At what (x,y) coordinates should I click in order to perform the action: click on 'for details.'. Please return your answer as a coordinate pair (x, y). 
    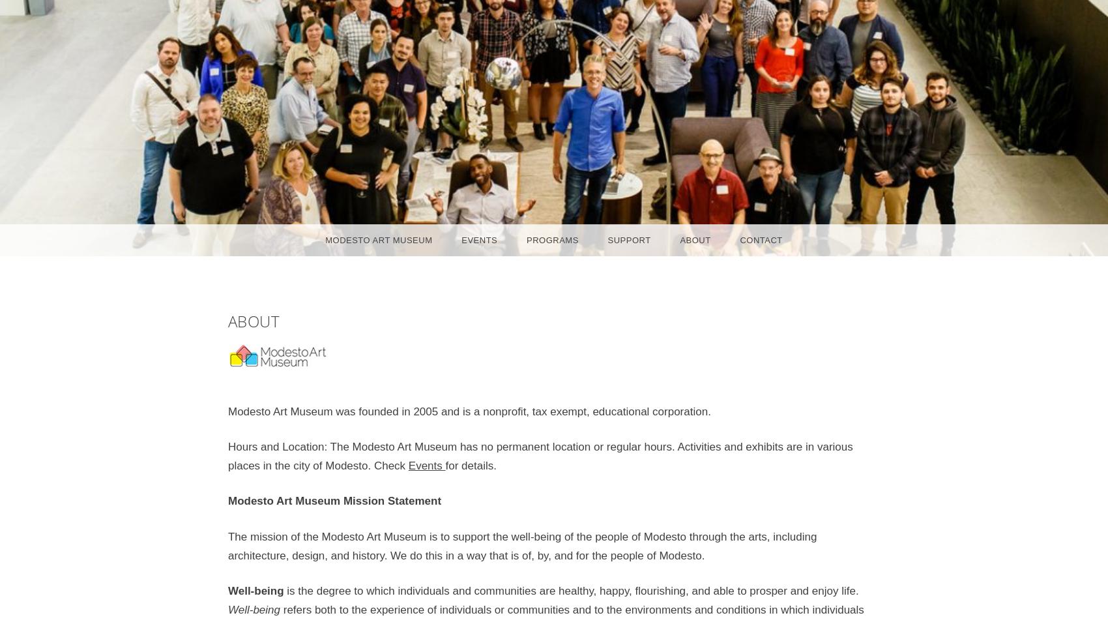
    Looking at the image, I should click on (470, 465).